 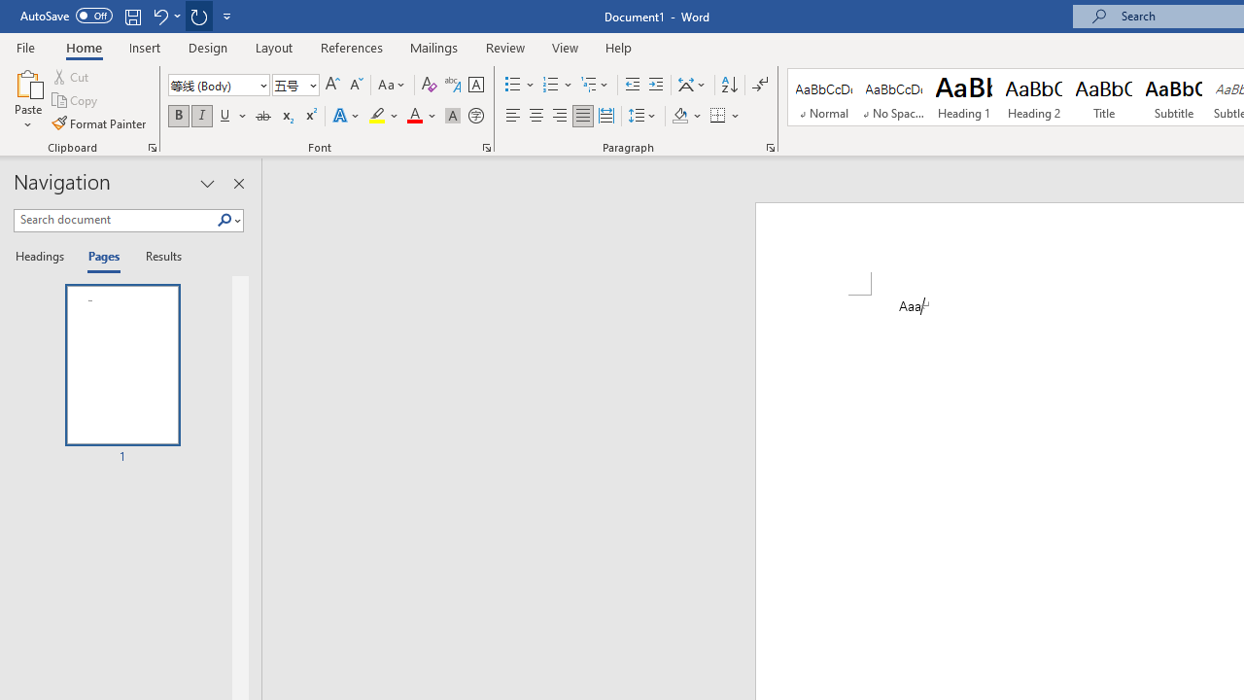 What do you see at coordinates (25, 46) in the screenshot?
I see `'File Tab'` at bounding box center [25, 46].